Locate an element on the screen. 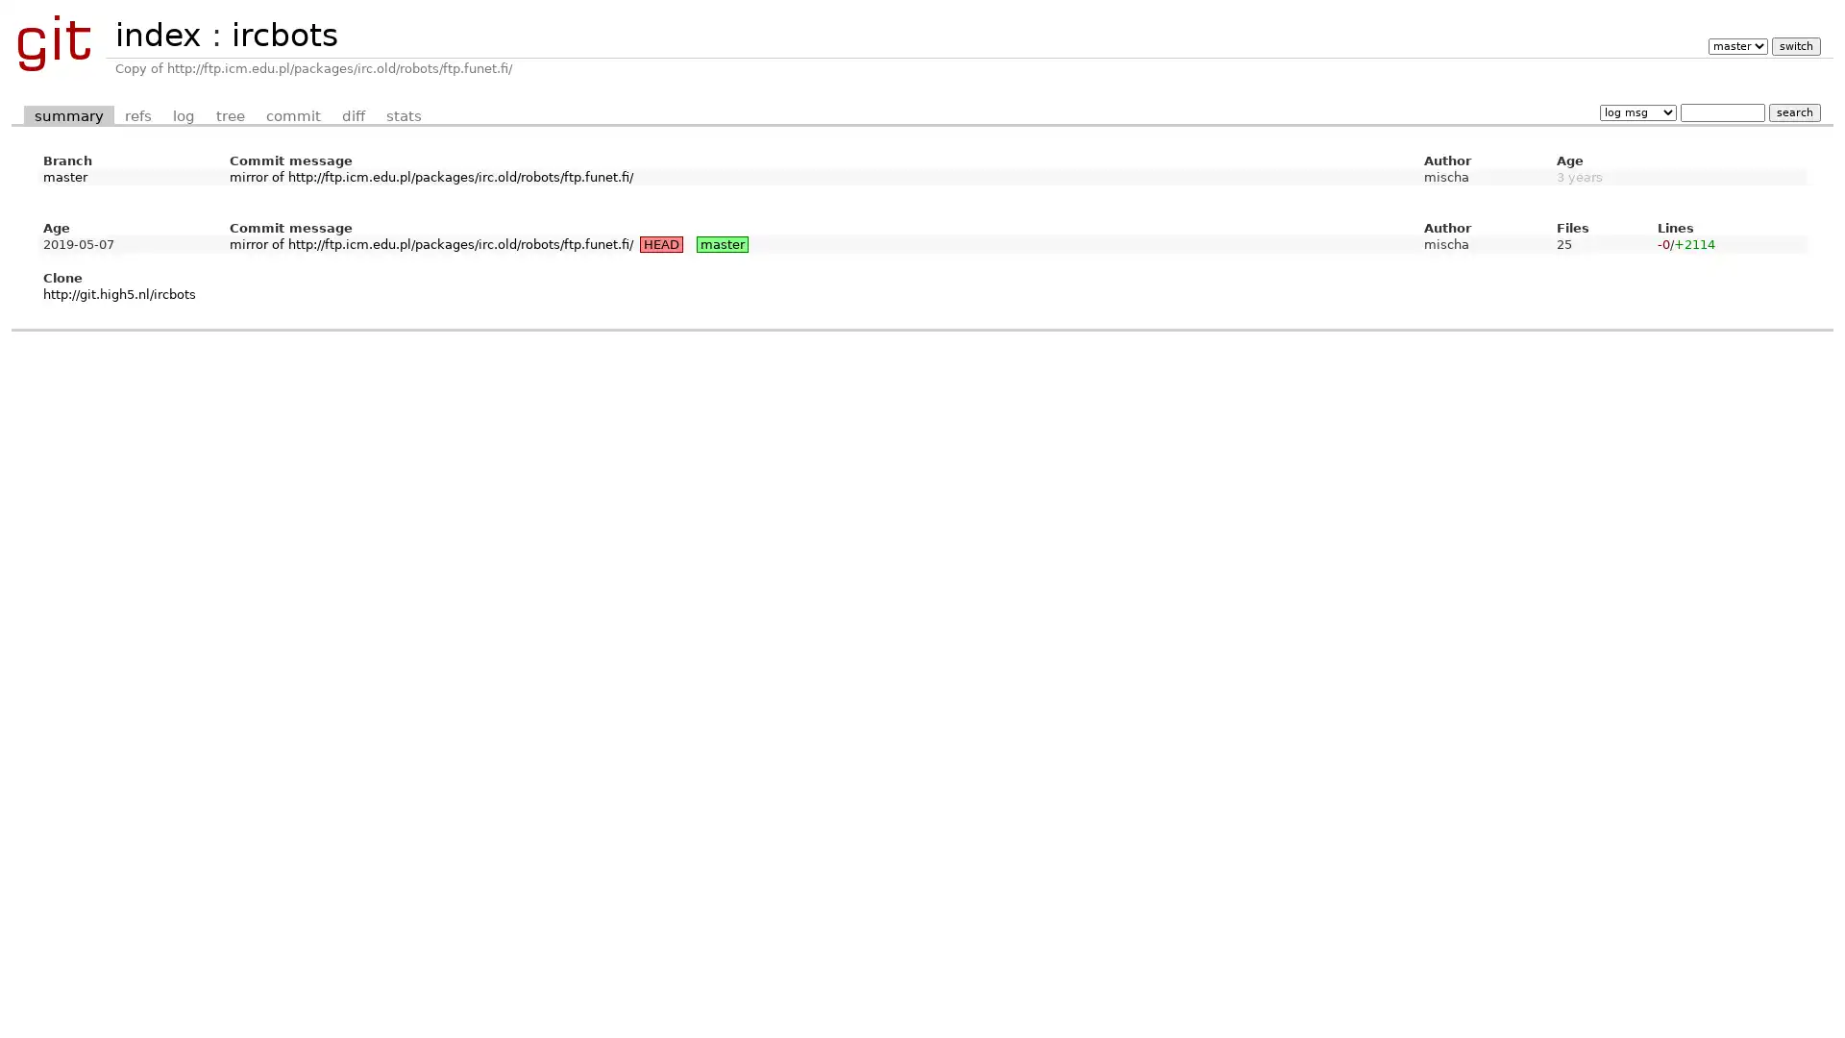  search is located at coordinates (1793, 111).